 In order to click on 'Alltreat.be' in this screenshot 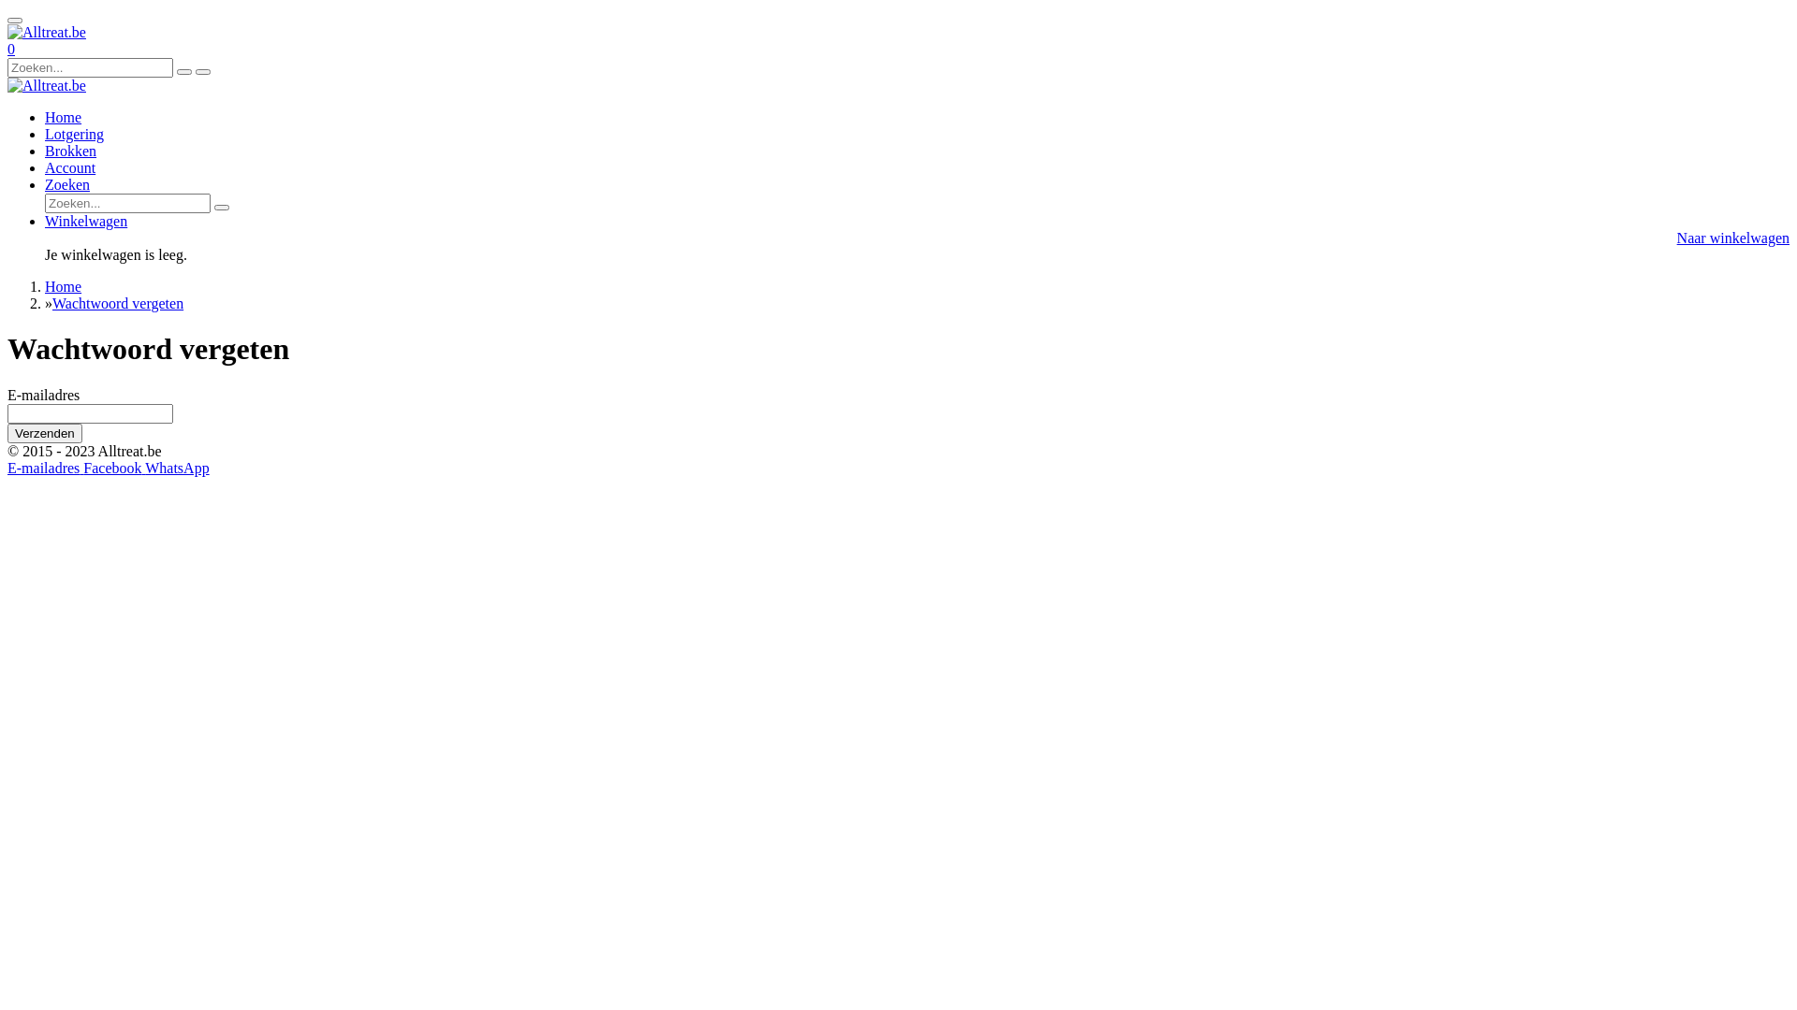, I will do `click(46, 86)`.